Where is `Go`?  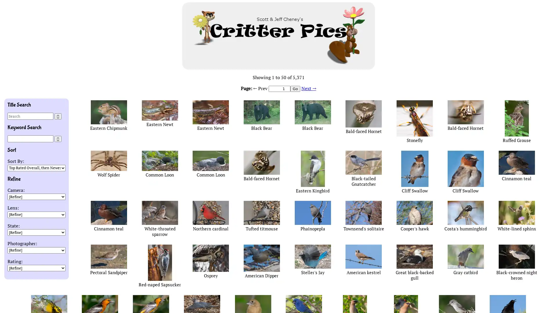
Go is located at coordinates (295, 89).